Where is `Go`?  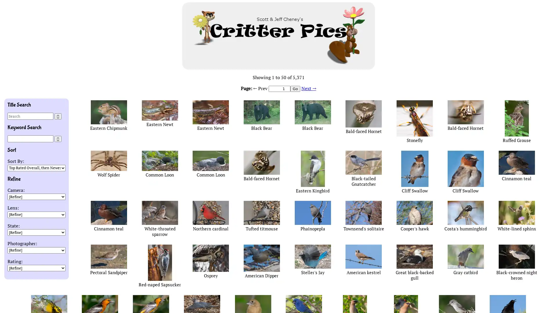
Go is located at coordinates (295, 89).